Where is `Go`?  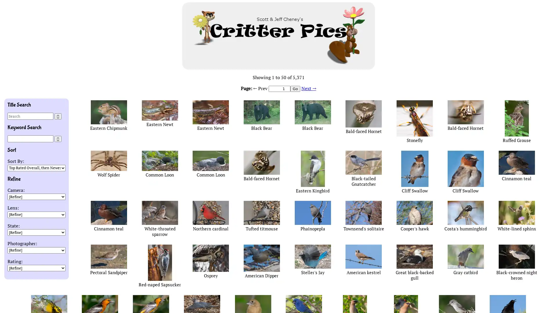
Go is located at coordinates (295, 89).